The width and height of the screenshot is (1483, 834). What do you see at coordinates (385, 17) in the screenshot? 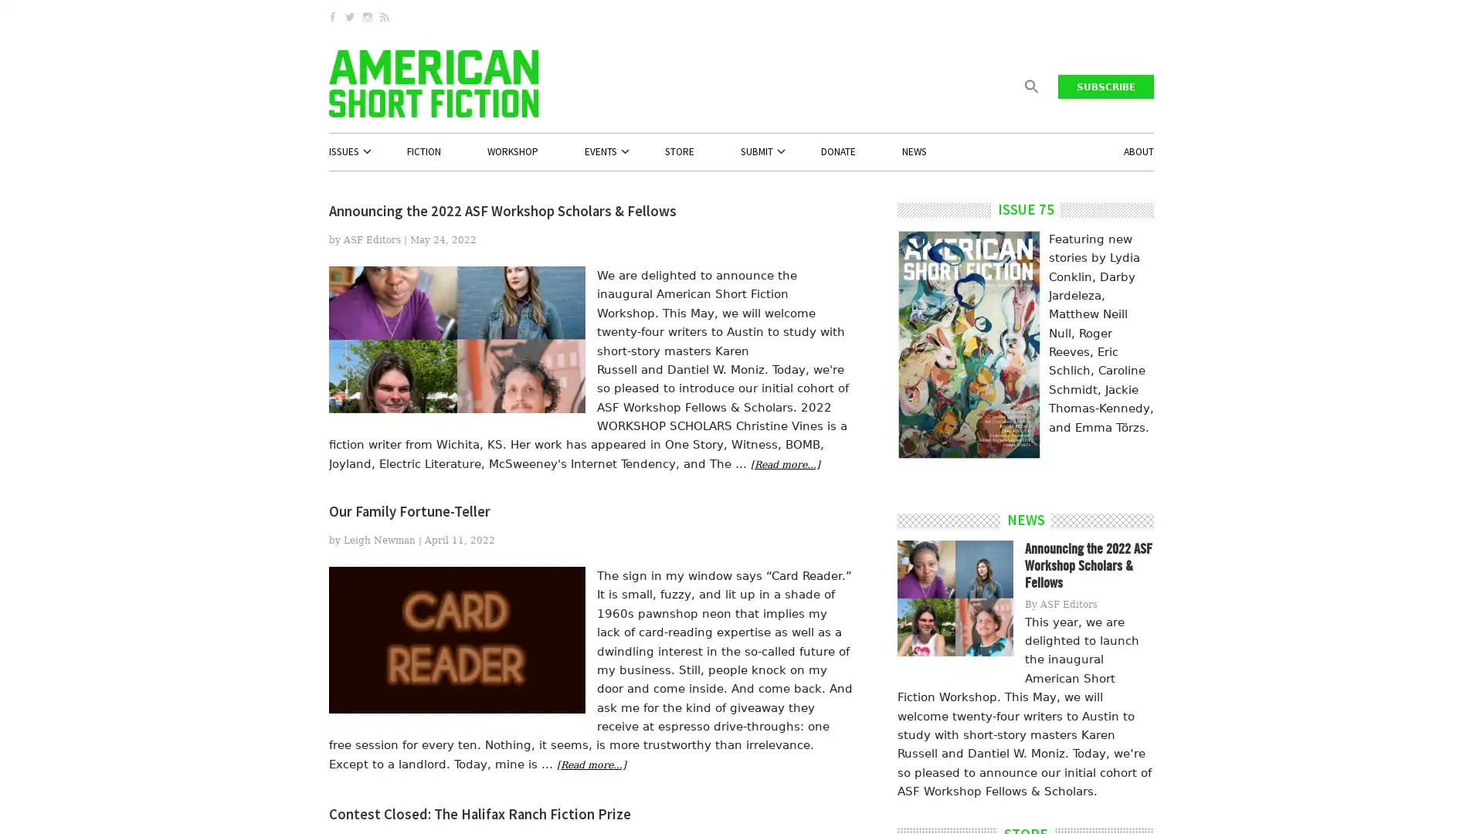
I see `rss` at bounding box center [385, 17].